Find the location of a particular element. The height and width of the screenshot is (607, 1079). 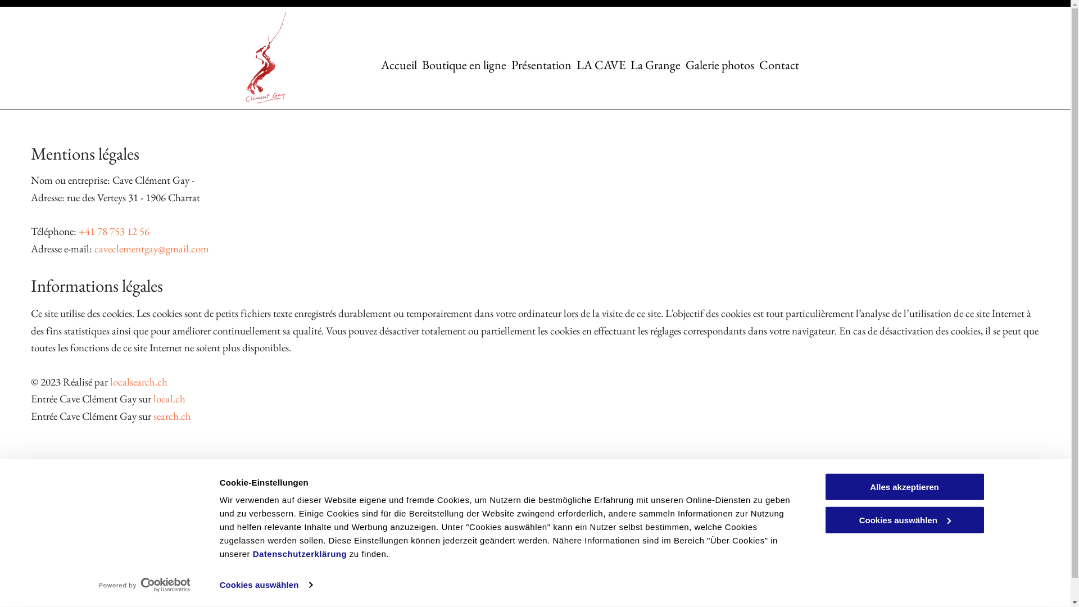

'+41 78 753 12 56' is located at coordinates (409, 508).